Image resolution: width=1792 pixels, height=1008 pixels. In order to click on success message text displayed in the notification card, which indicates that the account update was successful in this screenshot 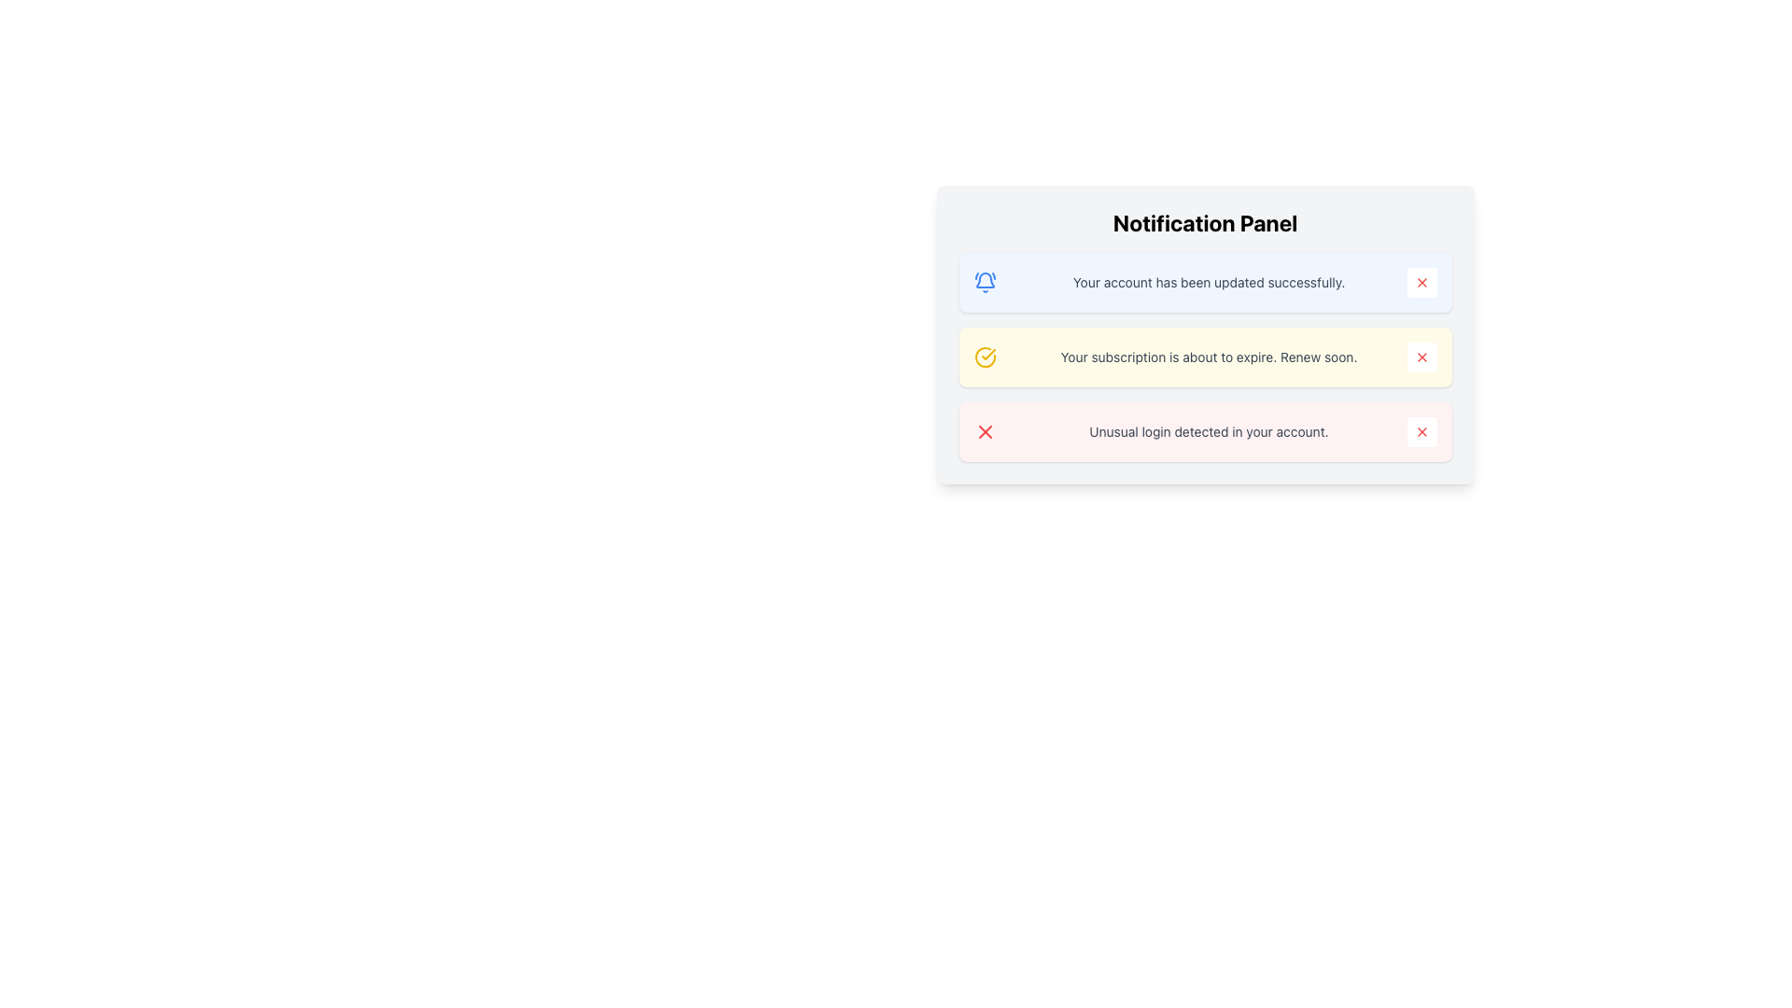, I will do `click(1209, 283)`.